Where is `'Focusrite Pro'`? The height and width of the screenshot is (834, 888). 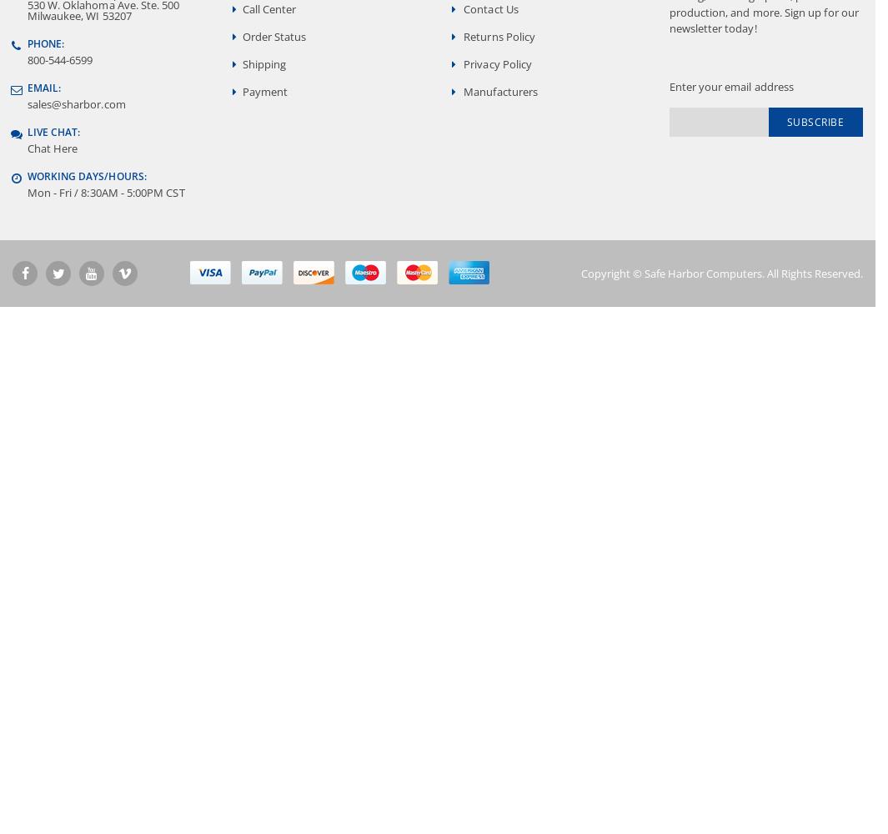
'Focusrite Pro' is located at coordinates (78, 19).